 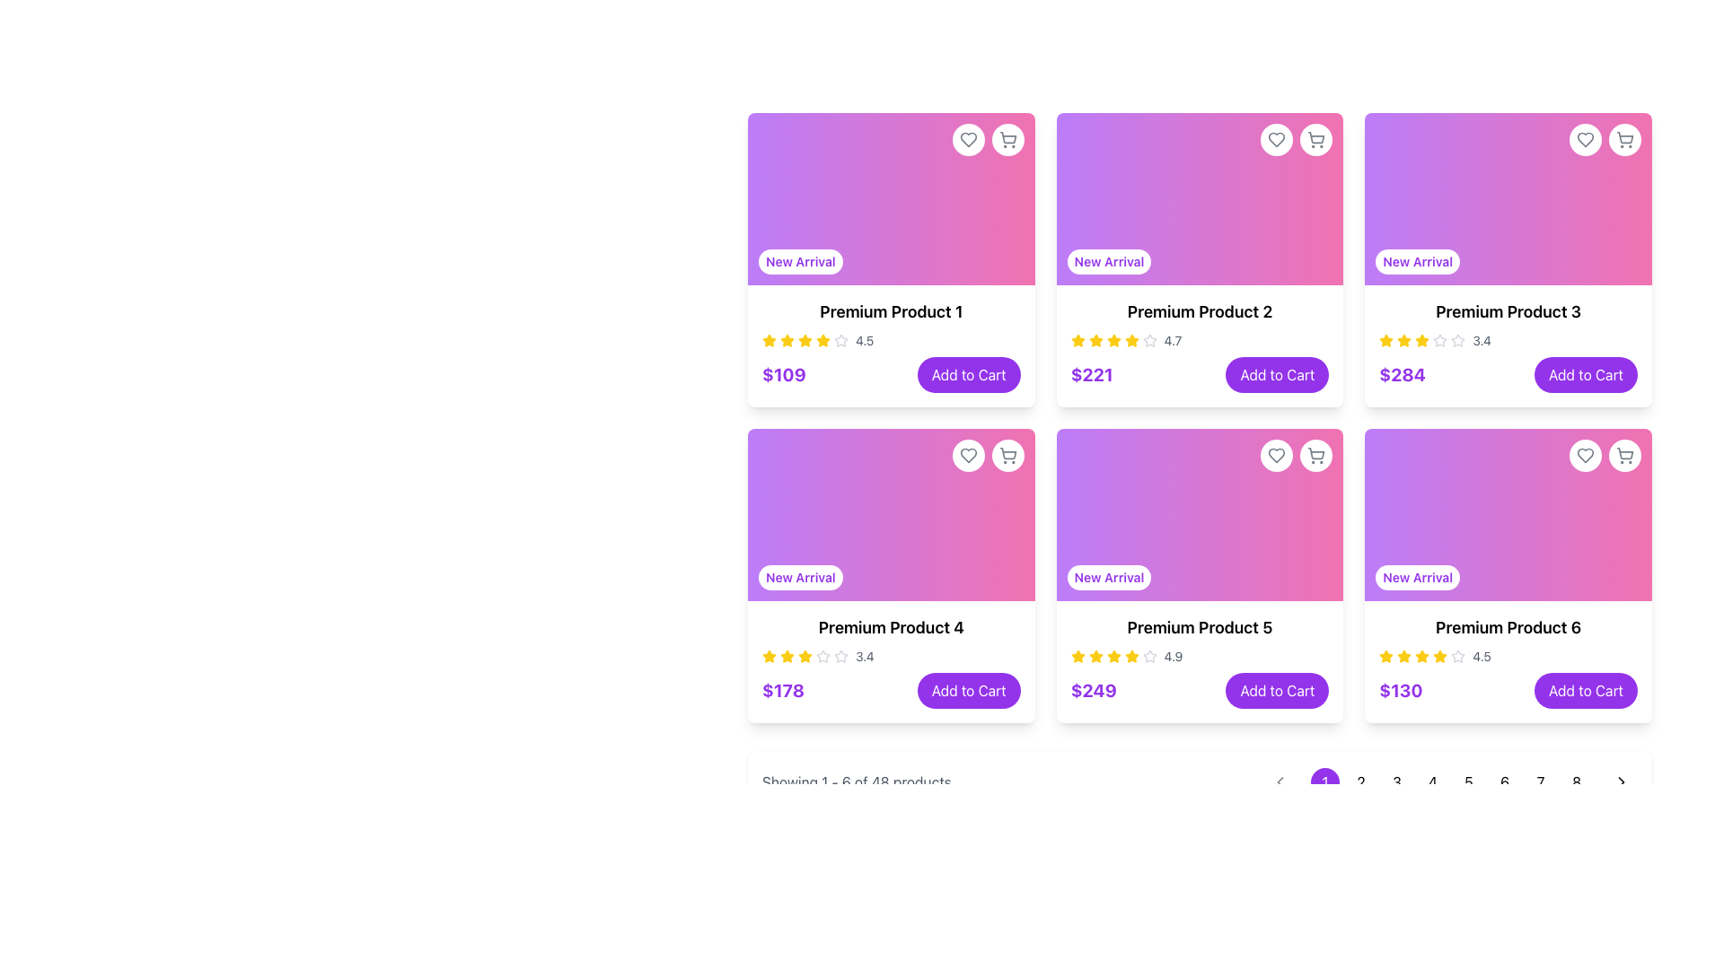 I want to click on the circular button labeled '8' located at the bottom-right corner of the interface to activate the background color change effect, so click(x=1576, y=781).